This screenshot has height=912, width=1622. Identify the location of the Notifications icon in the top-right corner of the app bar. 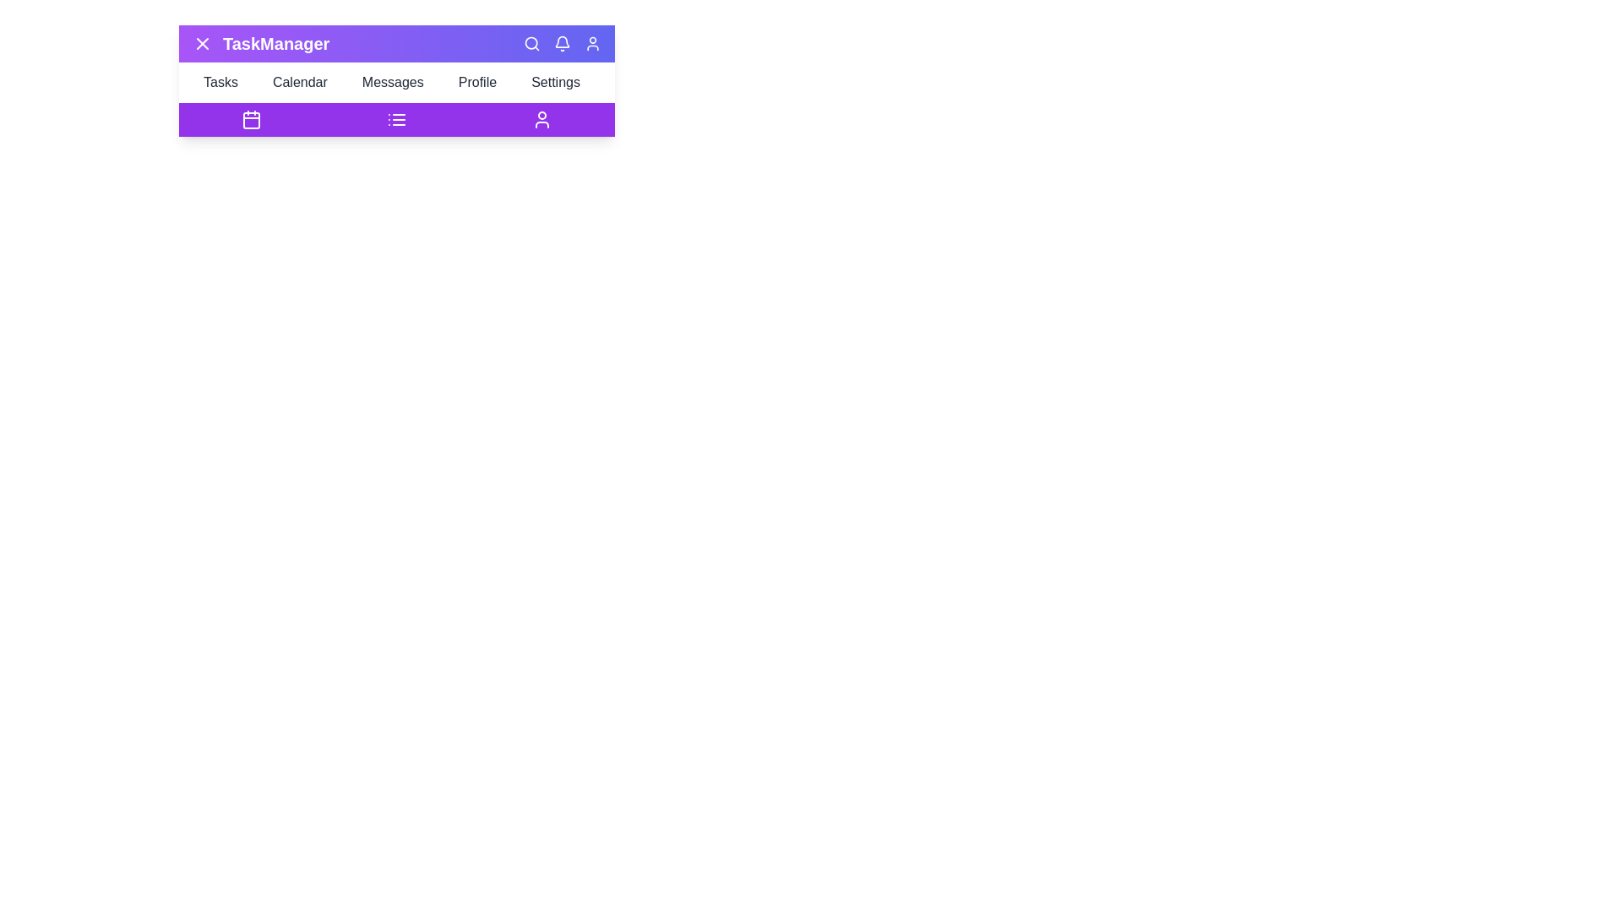
(563, 42).